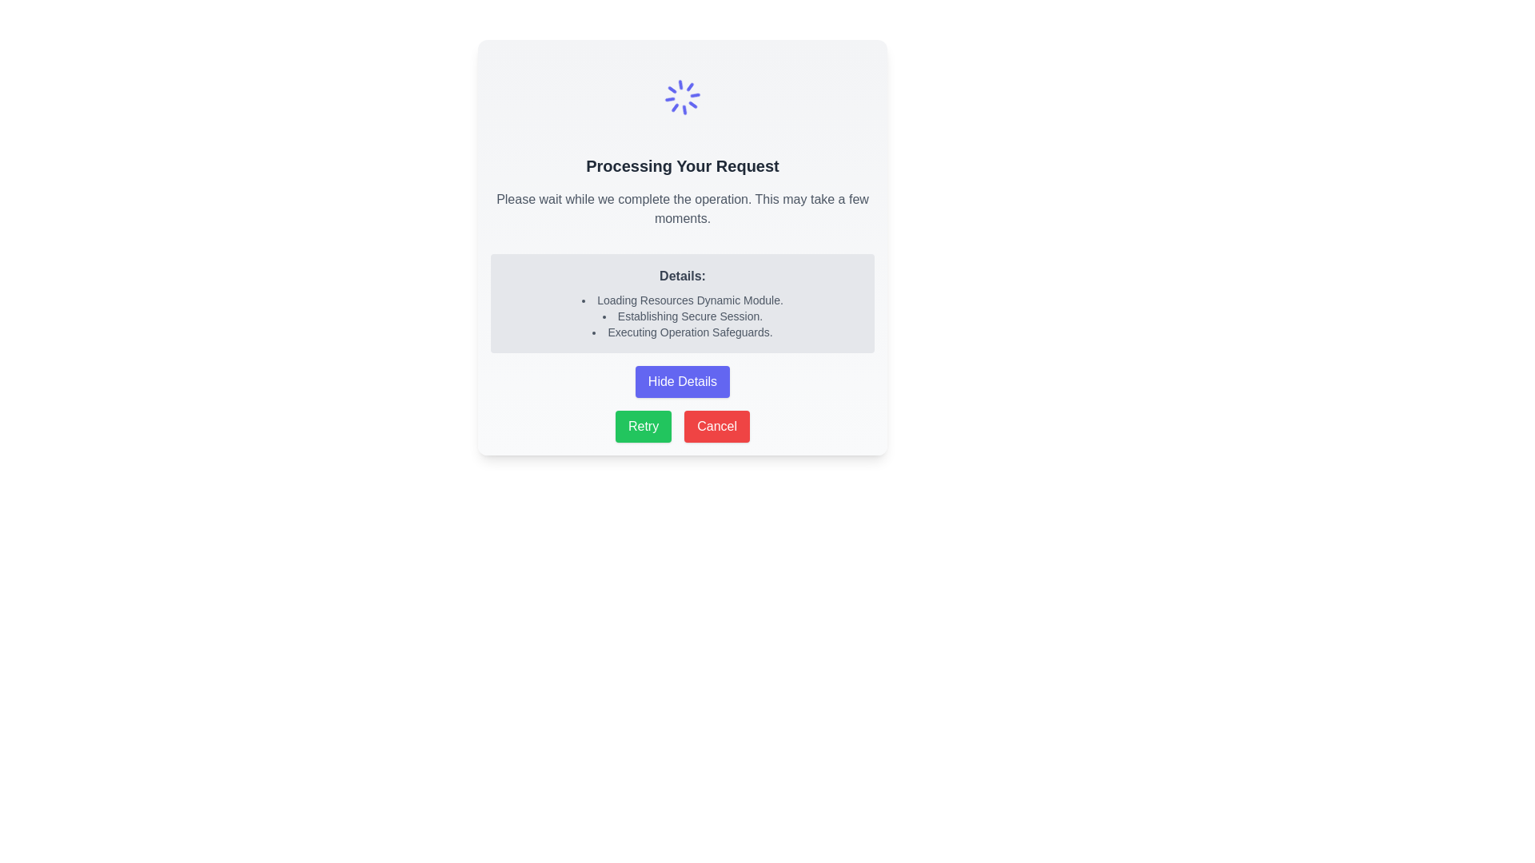  Describe the element at coordinates (683, 300) in the screenshot. I see `the static text 'Loading Resources Dynamic Module.' which is the first item in a bulleted list under the 'Processing Your Request' header` at that location.